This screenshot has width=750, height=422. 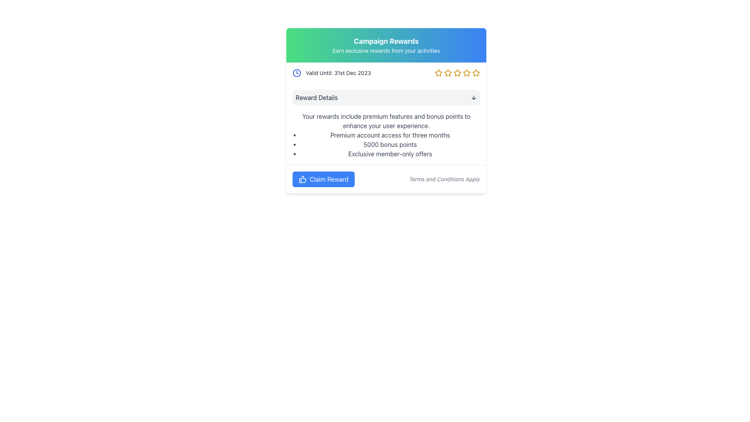 I want to click on the blue outlined thumbs-up icon located in the bottom left corner of the 'Campaign Rewards' section to interact with the 'Claim Reward' button, so click(x=302, y=179).